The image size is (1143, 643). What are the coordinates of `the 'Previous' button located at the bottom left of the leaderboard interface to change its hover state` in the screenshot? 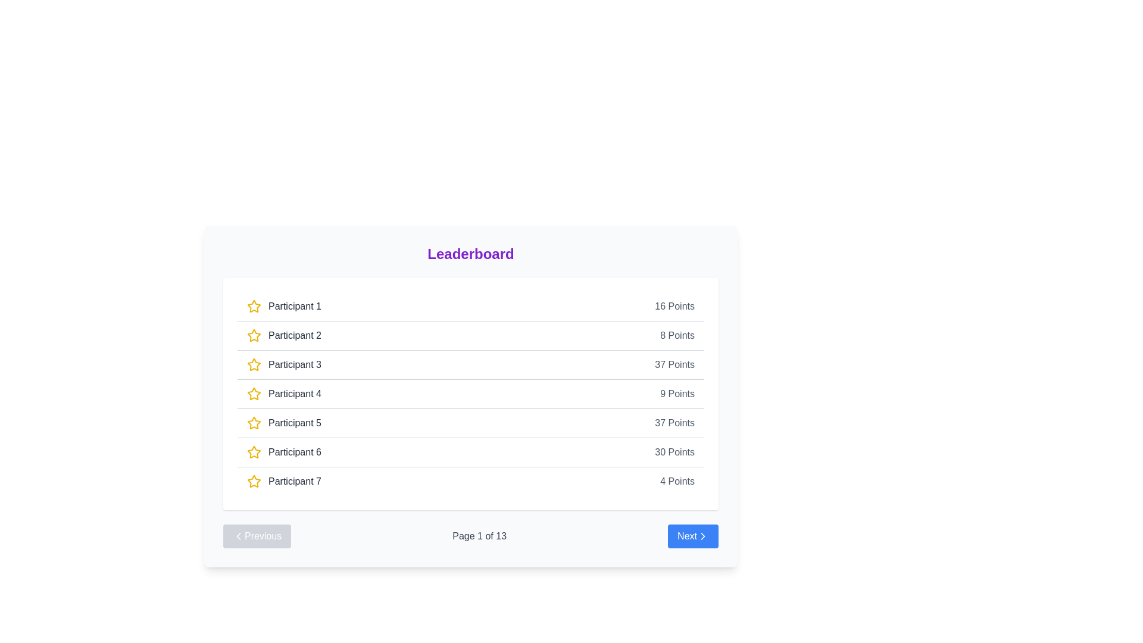 It's located at (257, 536).